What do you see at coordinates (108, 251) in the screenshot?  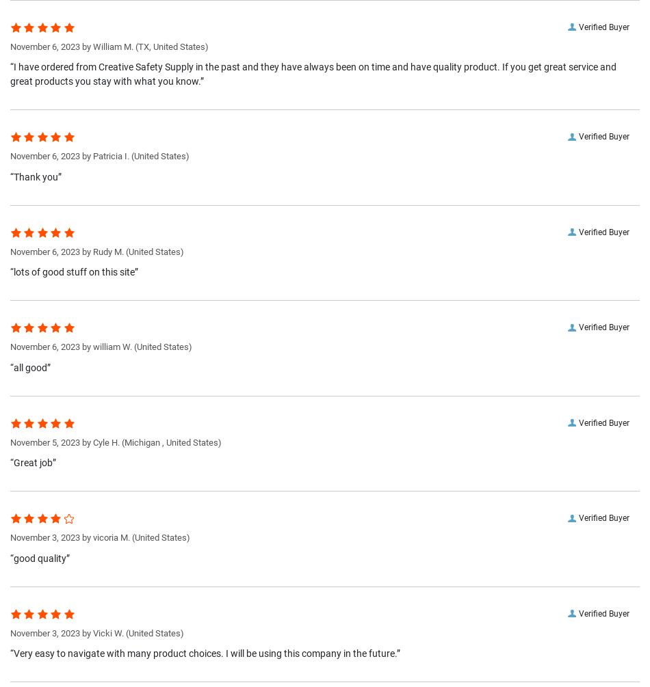 I see `'Rudy M.'` at bounding box center [108, 251].